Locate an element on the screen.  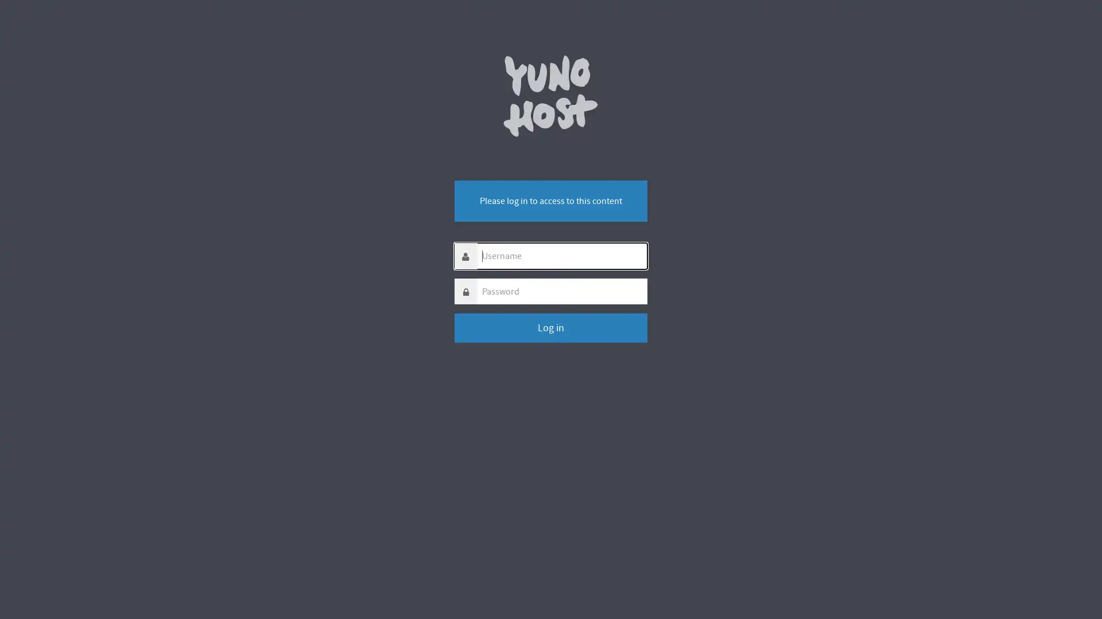
Log in is located at coordinates (550, 328).